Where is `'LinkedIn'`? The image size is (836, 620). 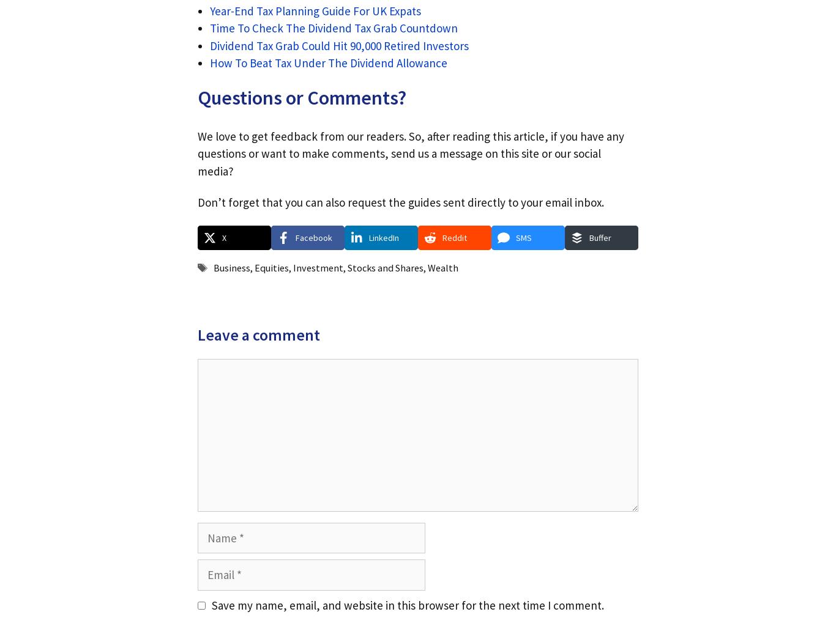
'LinkedIn' is located at coordinates (383, 236).